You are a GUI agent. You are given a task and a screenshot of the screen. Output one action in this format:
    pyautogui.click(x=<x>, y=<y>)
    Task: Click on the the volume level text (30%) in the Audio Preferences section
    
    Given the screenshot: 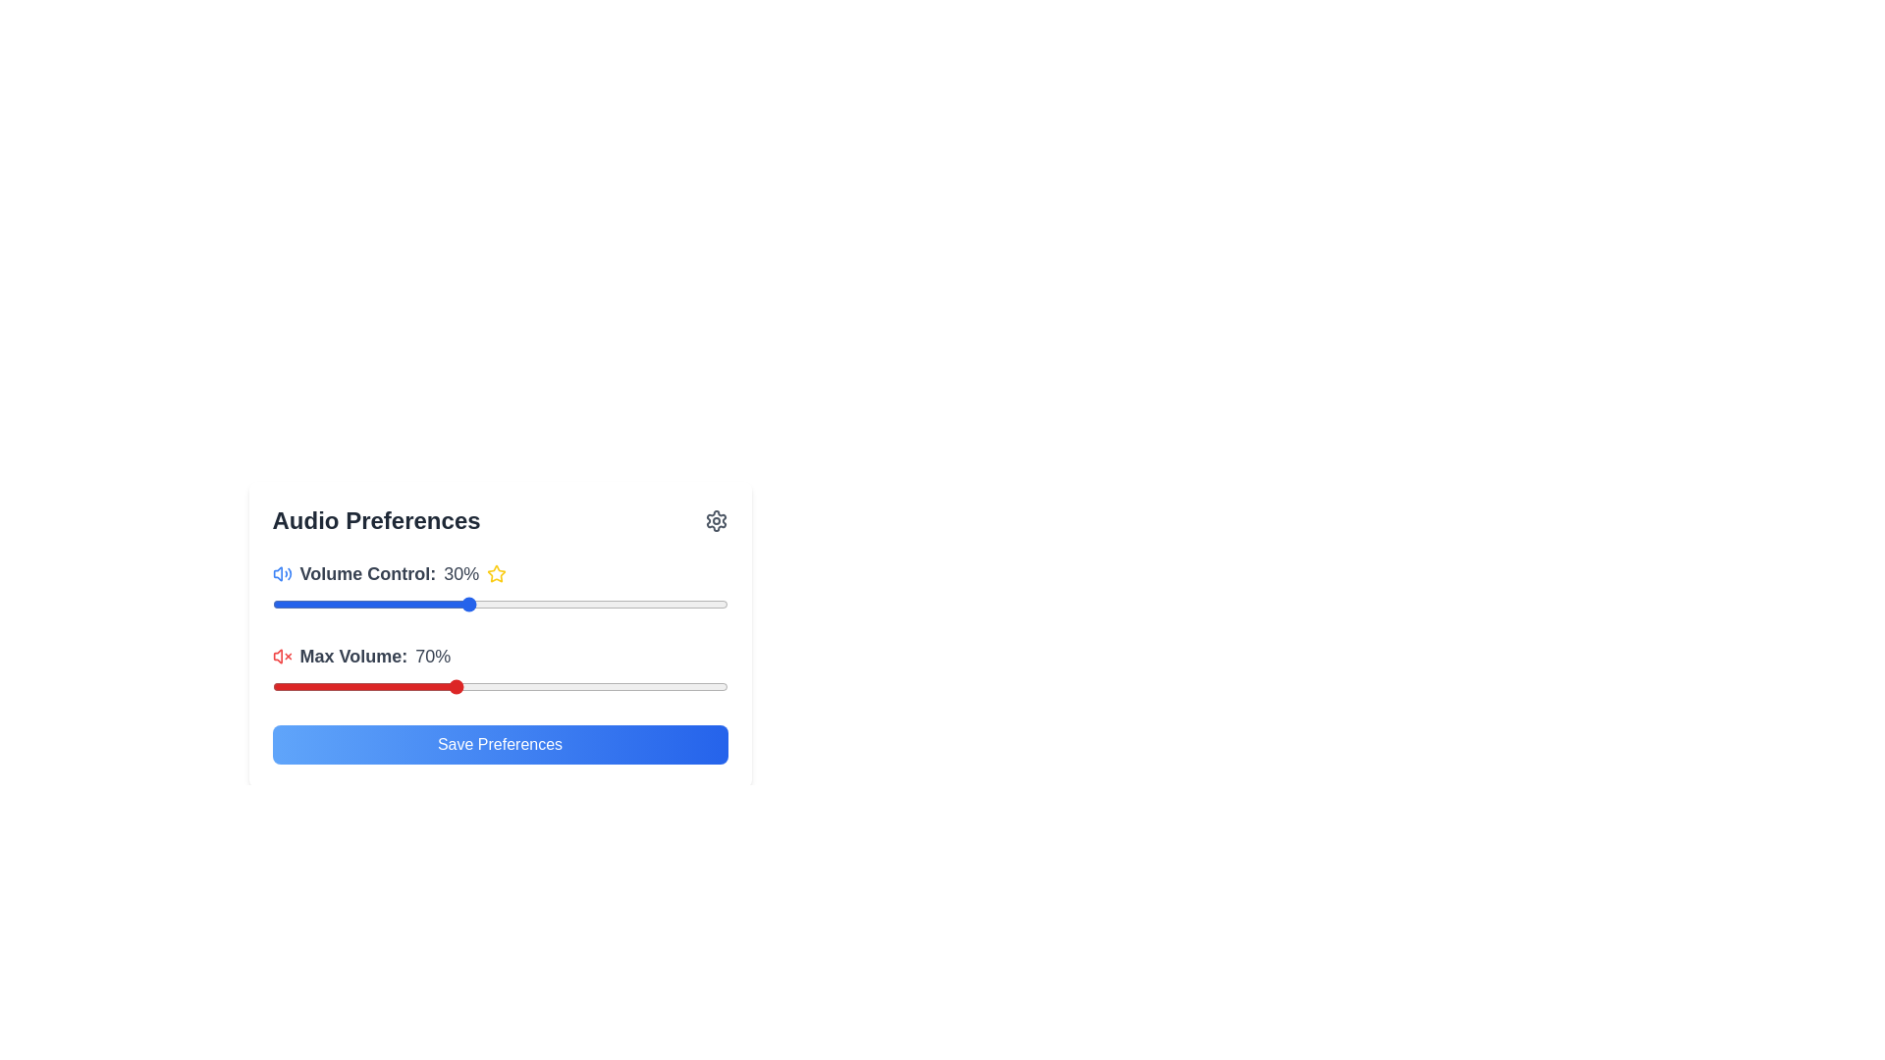 What is the action you would take?
    pyautogui.click(x=500, y=589)
    